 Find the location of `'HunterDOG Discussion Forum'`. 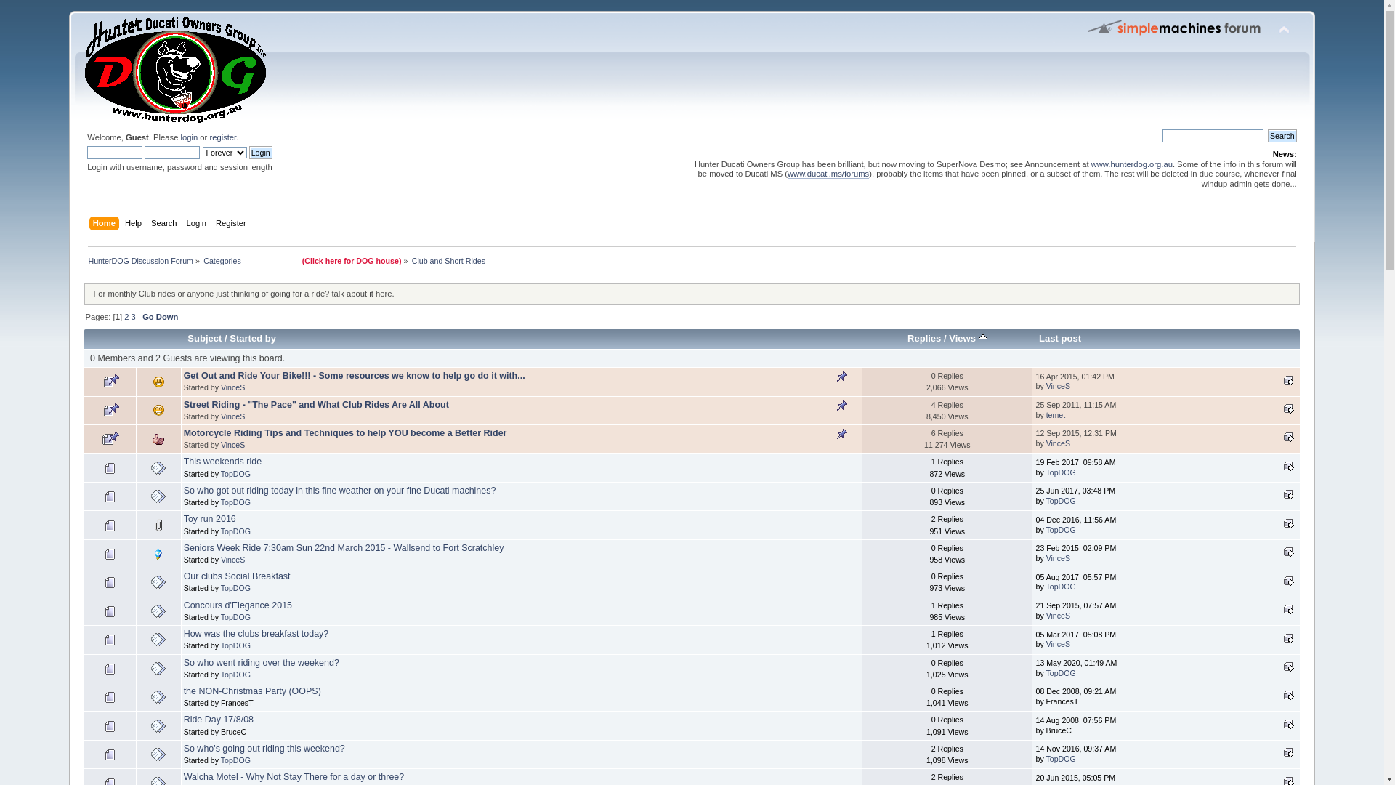

'HunterDOG Discussion Forum' is located at coordinates (140, 259).